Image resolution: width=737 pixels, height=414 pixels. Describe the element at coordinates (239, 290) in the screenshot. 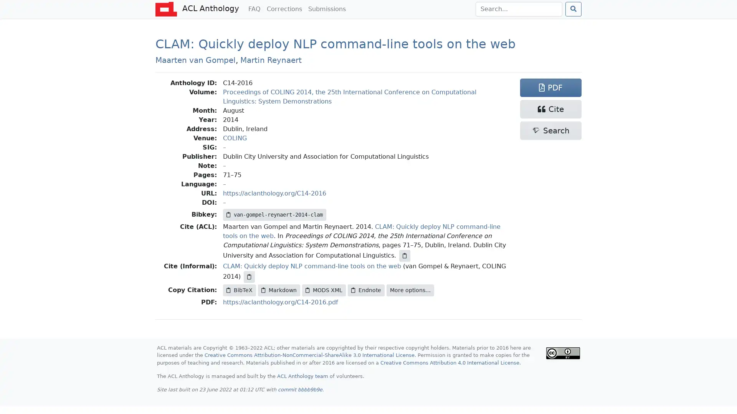

I see `BibTeX` at that location.